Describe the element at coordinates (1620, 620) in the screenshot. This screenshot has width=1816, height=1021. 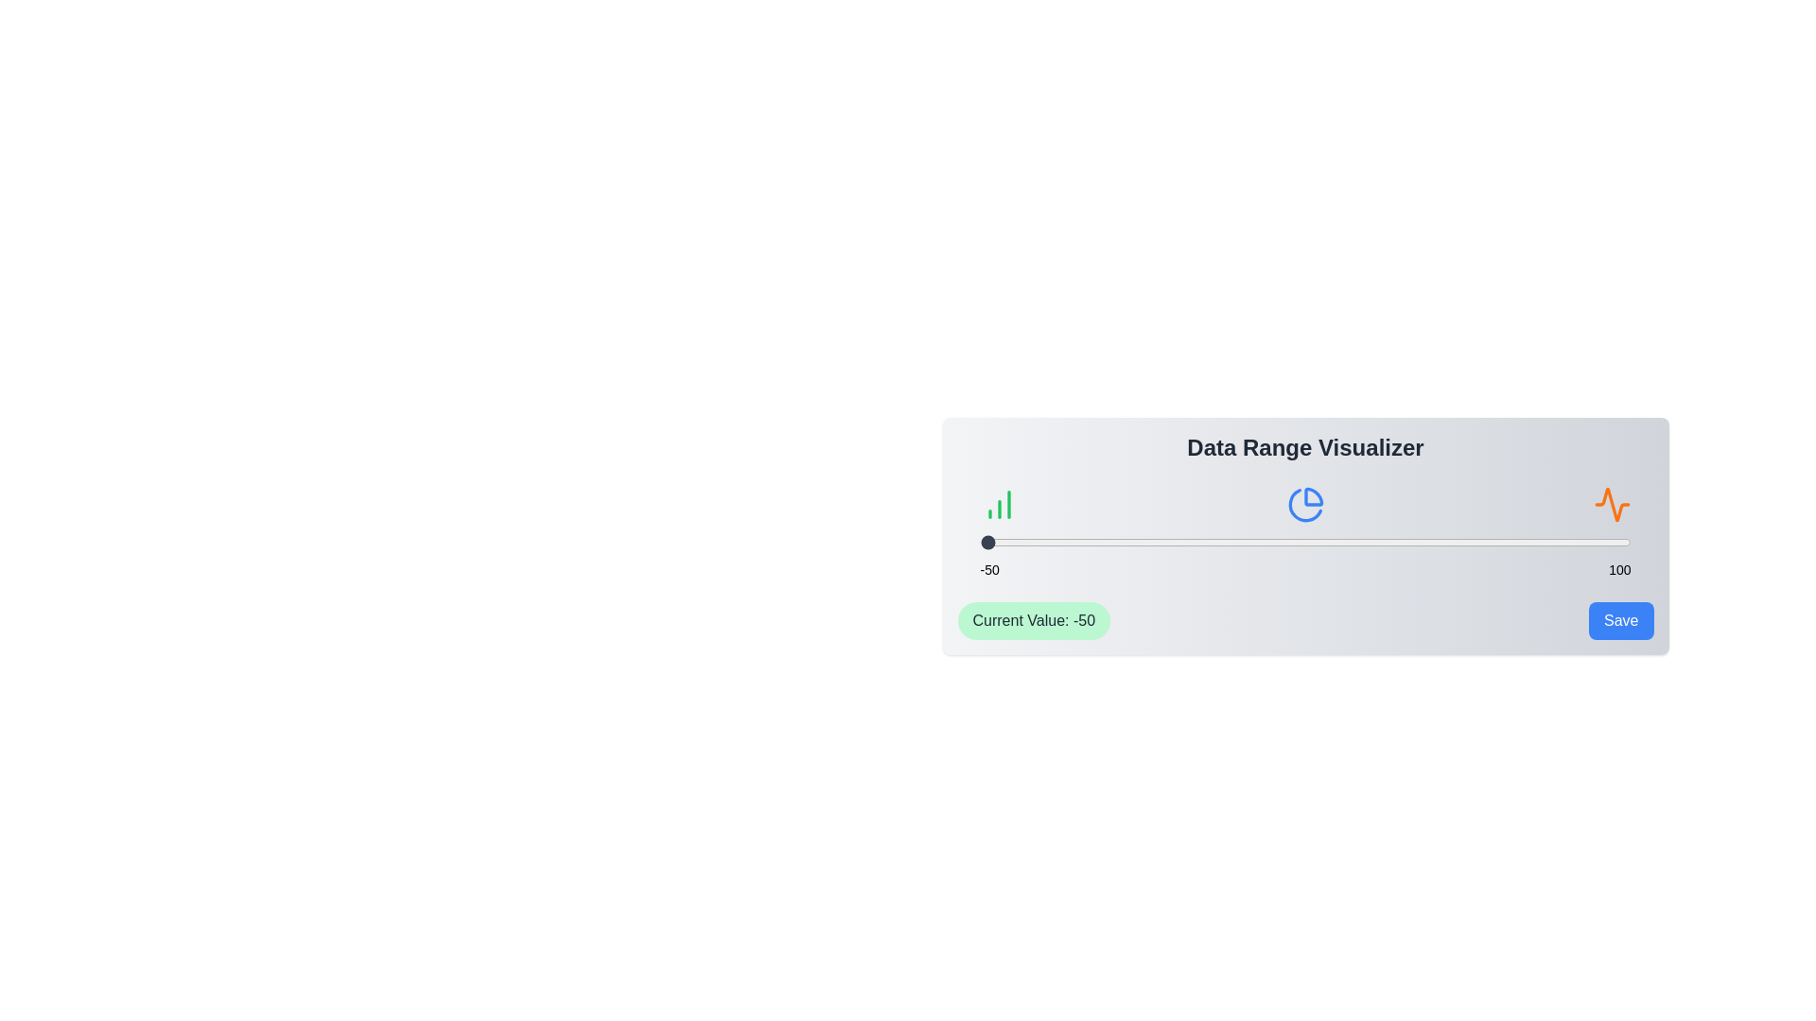
I see `the 'Save' button to save the current value` at that location.